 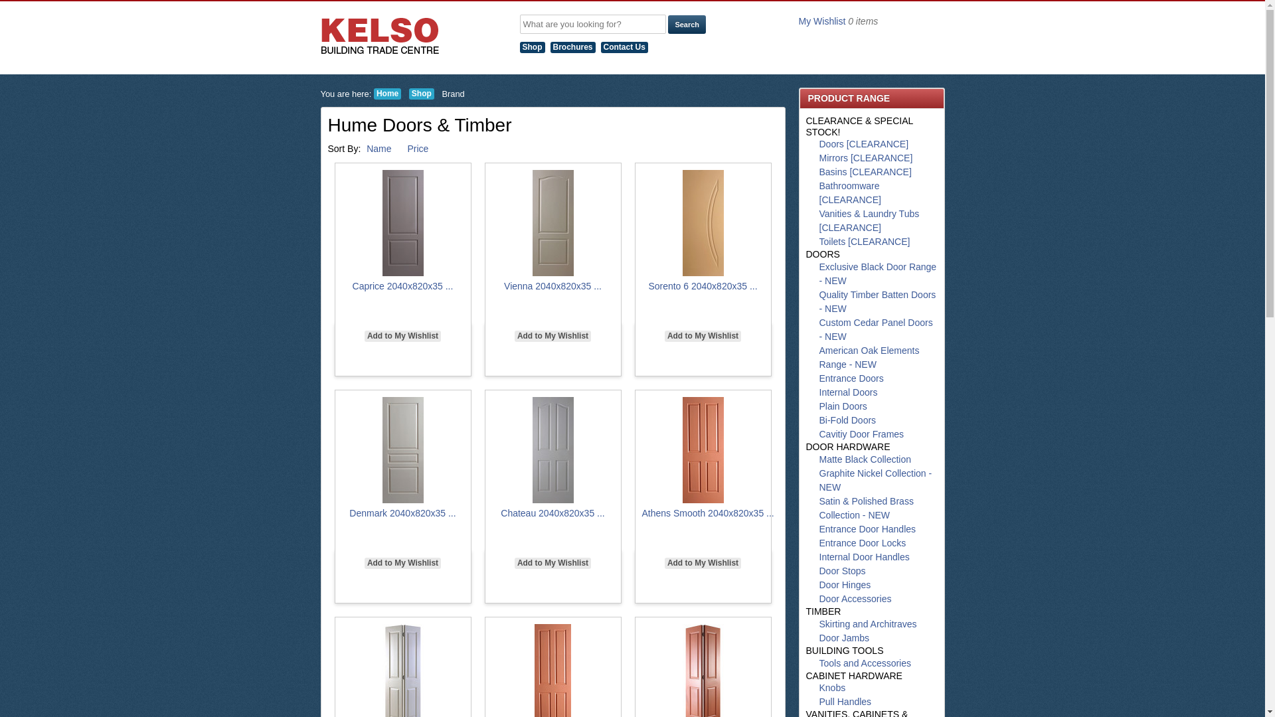 What do you see at coordinates (851, 378) in the screenshot?
I see `'Entrance Doors'` at bounding box center [851, 378].